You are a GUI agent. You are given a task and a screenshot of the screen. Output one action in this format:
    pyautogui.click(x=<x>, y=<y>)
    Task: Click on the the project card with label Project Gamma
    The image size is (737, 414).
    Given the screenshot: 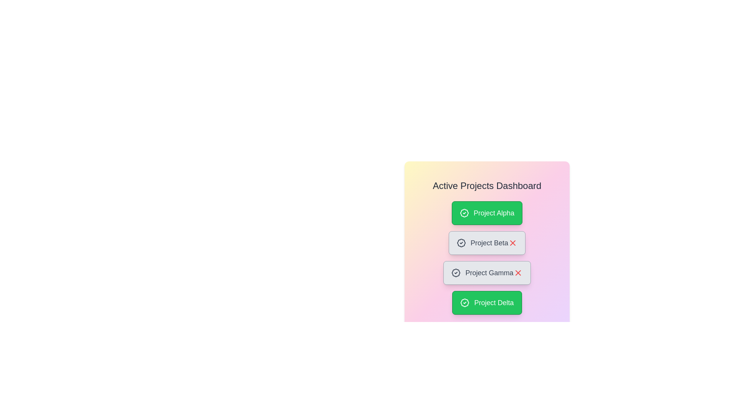 What is the action you would take?
    pyautogui.click(x=486, y=273)
    